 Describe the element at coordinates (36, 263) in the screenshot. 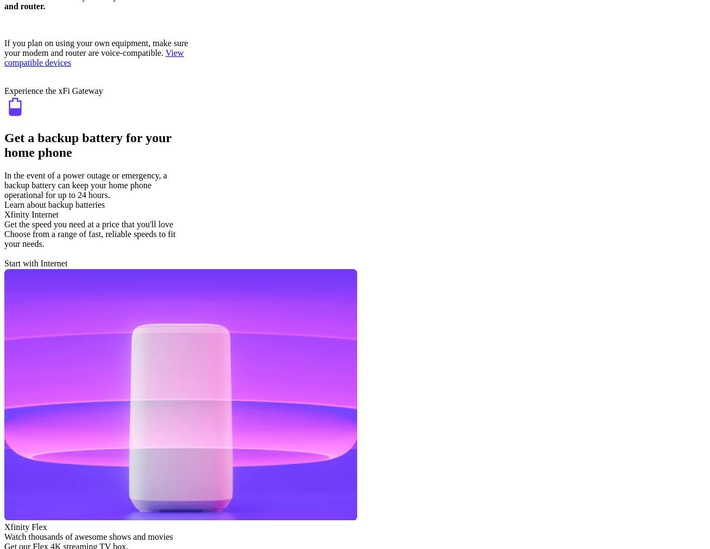

I see `'Start with Internet'` at that location.